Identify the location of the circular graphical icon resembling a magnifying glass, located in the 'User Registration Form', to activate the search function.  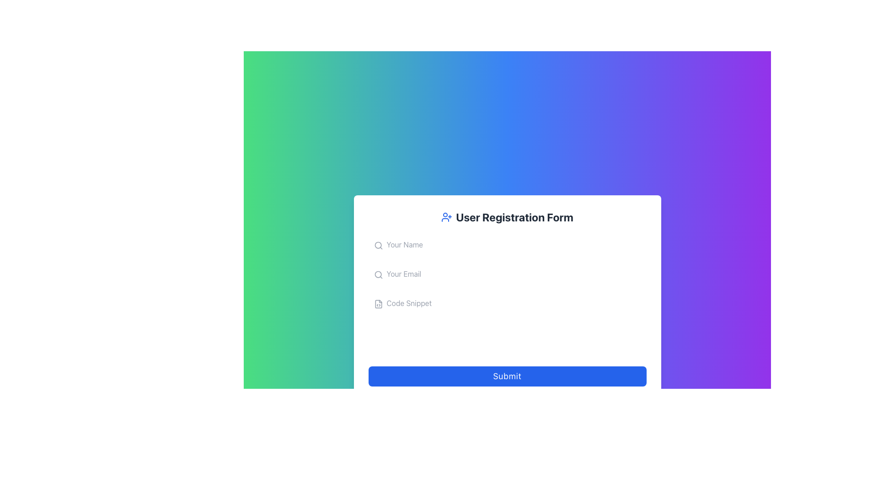
(378, 274).